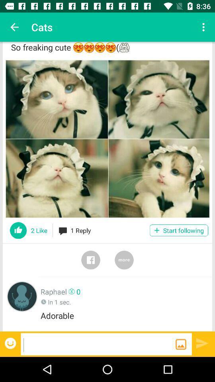 The image size is (215, 382). I want to click on click on commenter 's photo icon, so click(22, 296).